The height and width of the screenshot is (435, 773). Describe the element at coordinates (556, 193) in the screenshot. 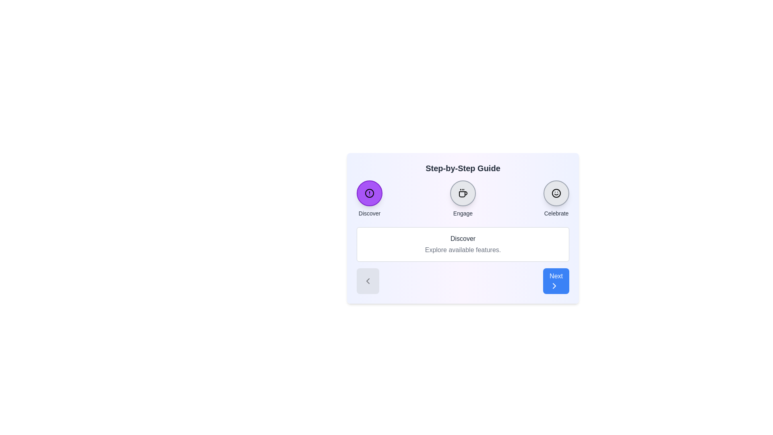

I see `the third button in the horizontal sequence of options in the step-by-step guide, which is located on the far right and is associated with the action of celebration` at that location.